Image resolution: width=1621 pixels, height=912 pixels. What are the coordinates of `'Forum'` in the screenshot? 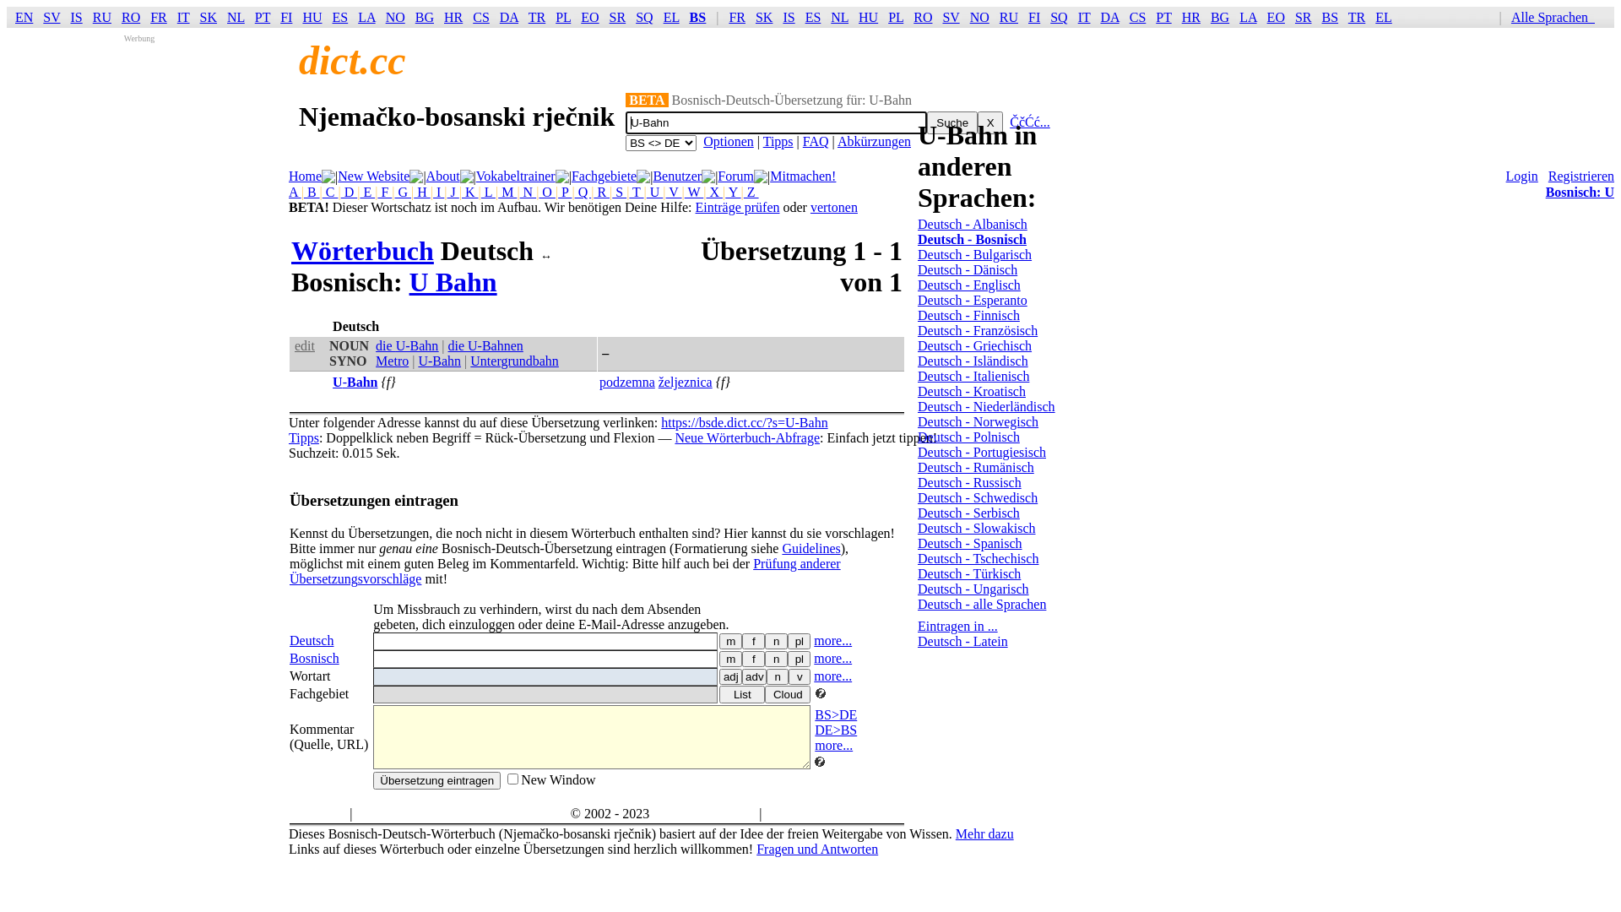 It's located at (735, 176).